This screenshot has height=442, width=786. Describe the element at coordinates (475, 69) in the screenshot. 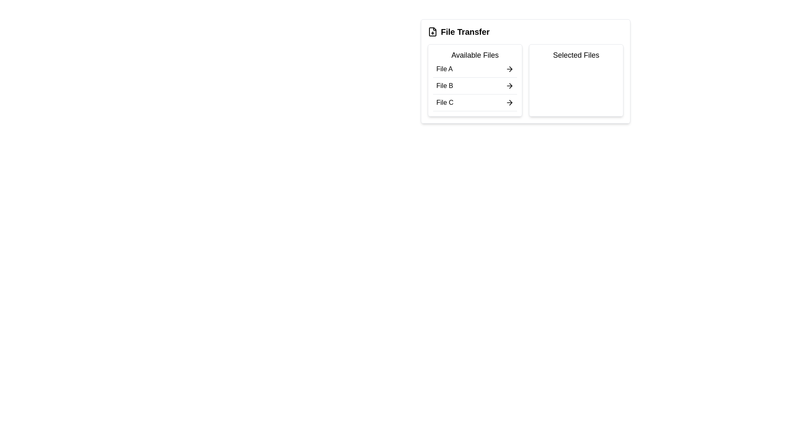

I see `the first selectable file in the transfer list under the 'Available Files' section` at that location.